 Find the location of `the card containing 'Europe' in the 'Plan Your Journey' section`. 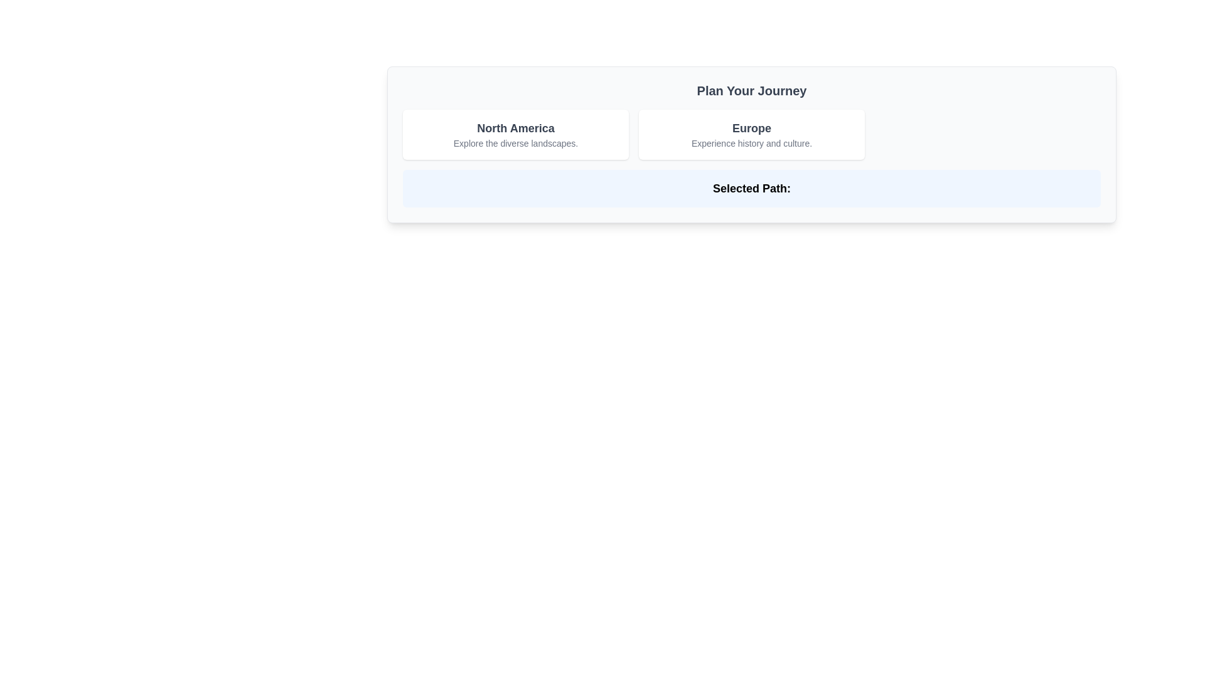

the card containing 'Europe' in the 'Plan Your Journey' section is located at coordinates (752, 135).